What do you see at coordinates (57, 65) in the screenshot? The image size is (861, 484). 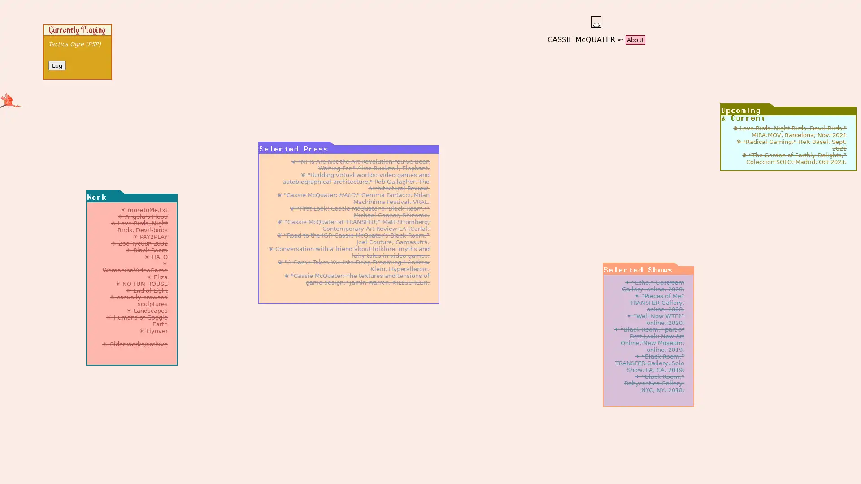 I see `Log` at bounding box center [57, 65].